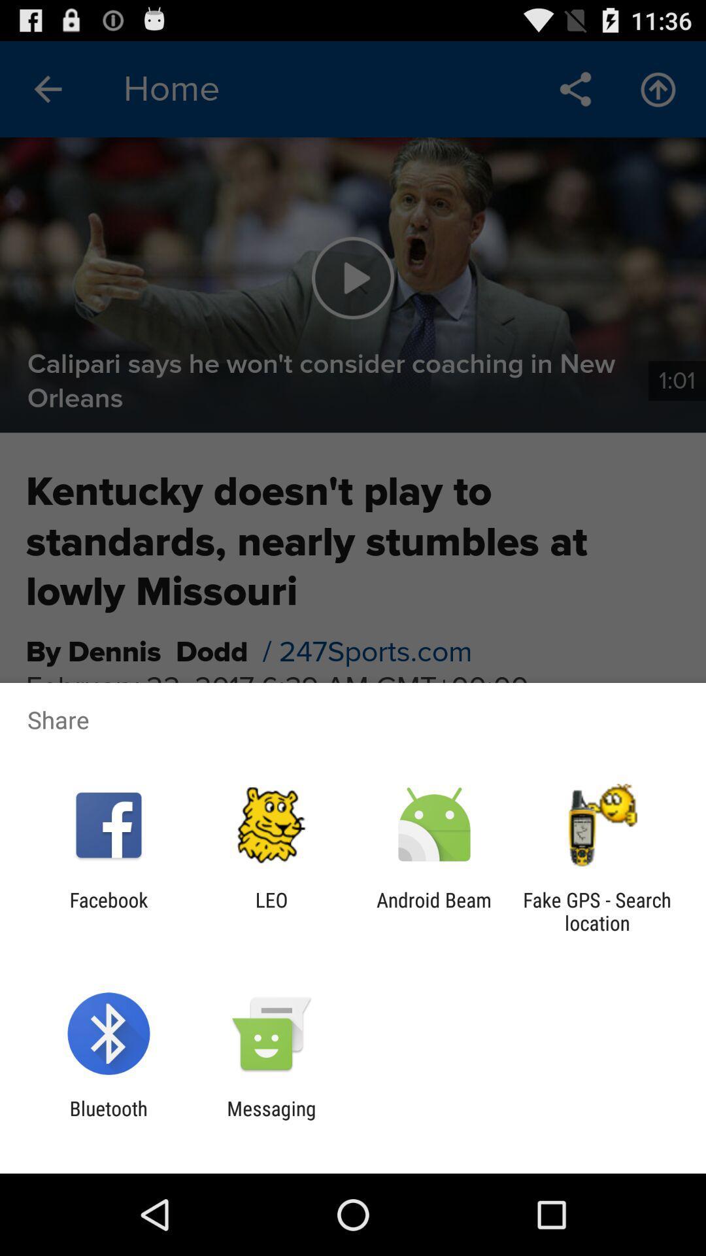  I want to click on the app next to fake gps search item, so click(434, 911).